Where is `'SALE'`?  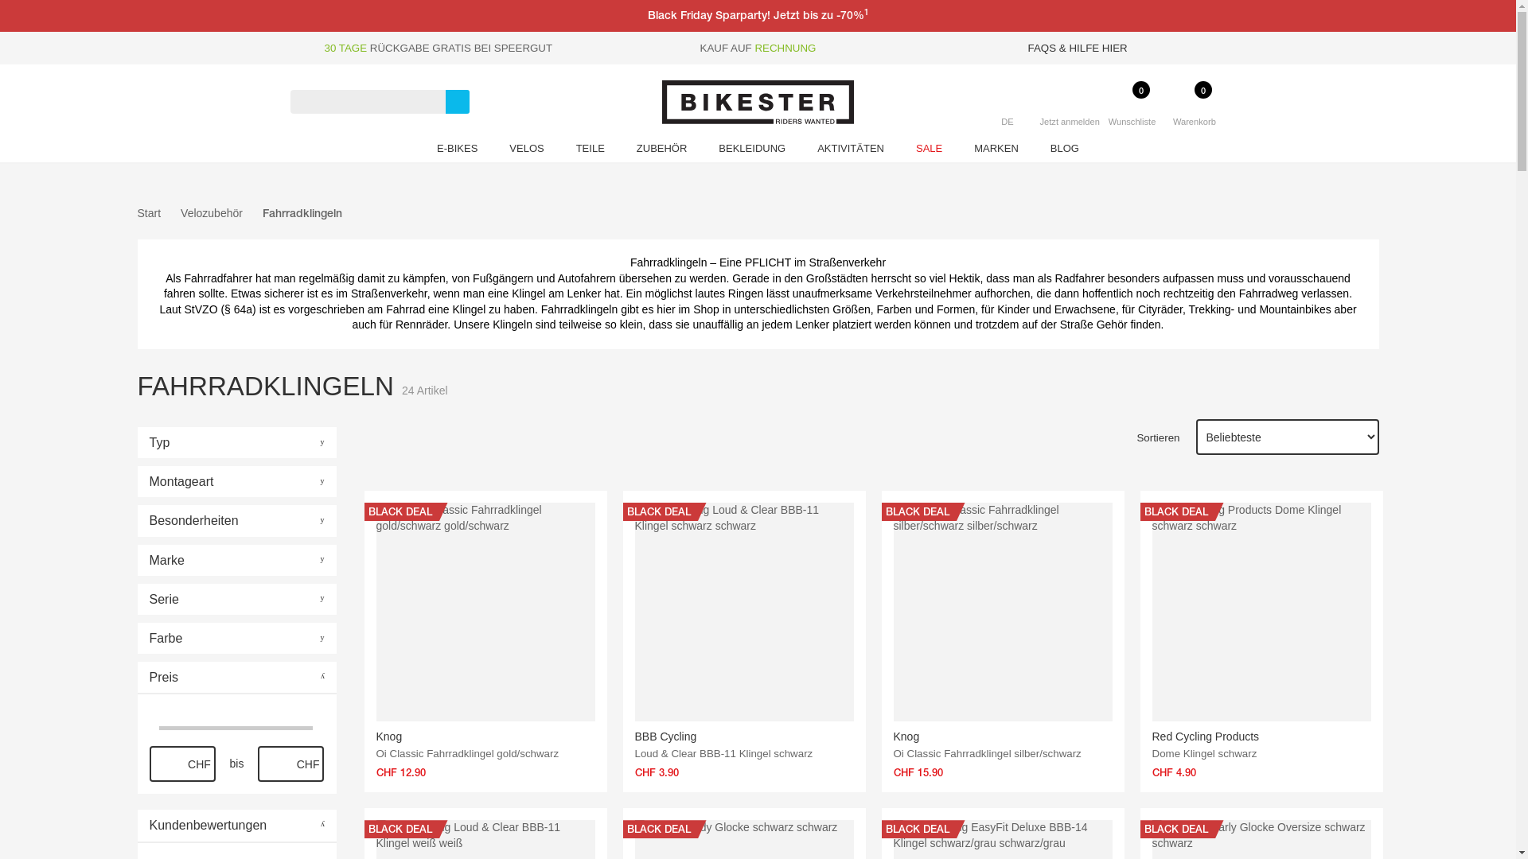 'SALE' is located at coordinates (929, 150).